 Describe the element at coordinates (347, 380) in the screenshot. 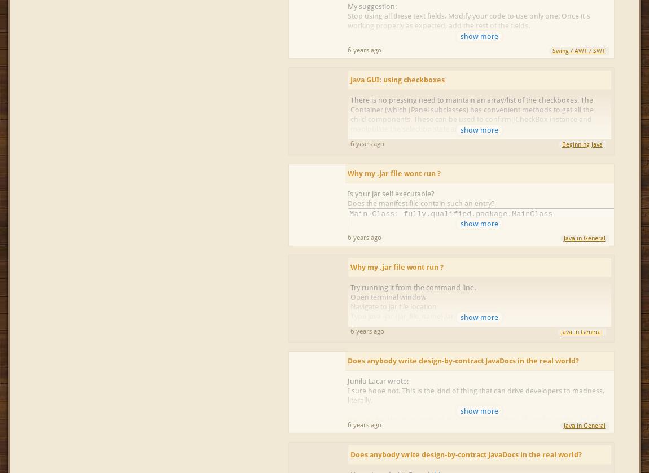

I see `'Junilu Lacar wrote:'` at that location.